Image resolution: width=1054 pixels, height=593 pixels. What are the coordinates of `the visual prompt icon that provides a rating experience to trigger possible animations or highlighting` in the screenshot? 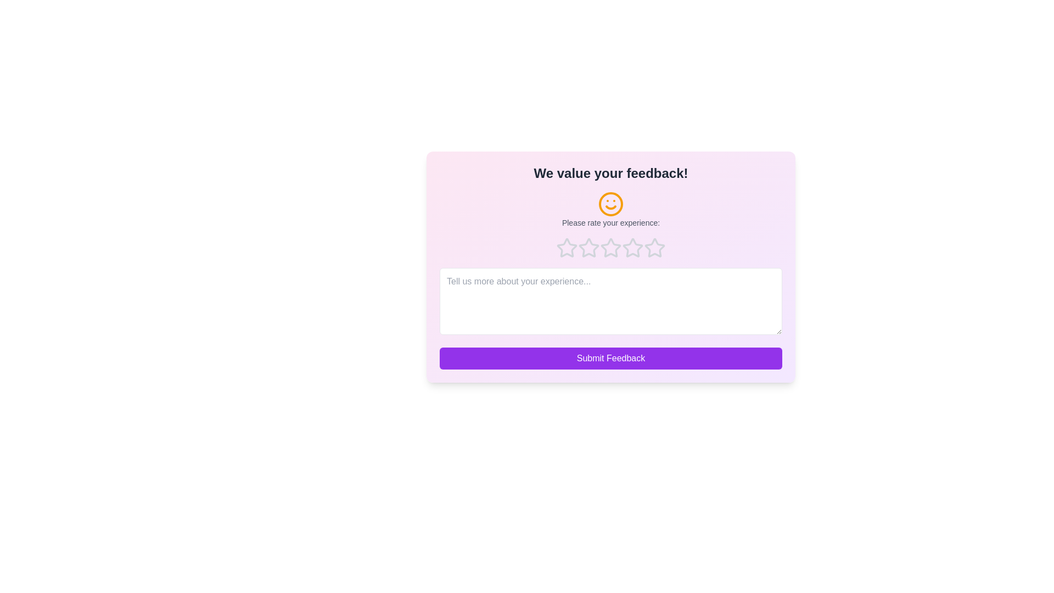 It's located at (610, 209).